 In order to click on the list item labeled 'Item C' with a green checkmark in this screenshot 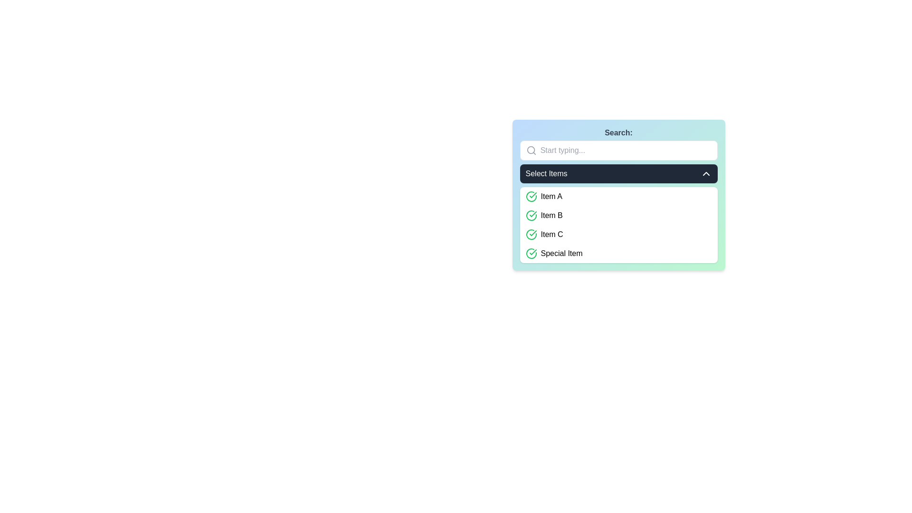, I will do `click(618, 234)`.